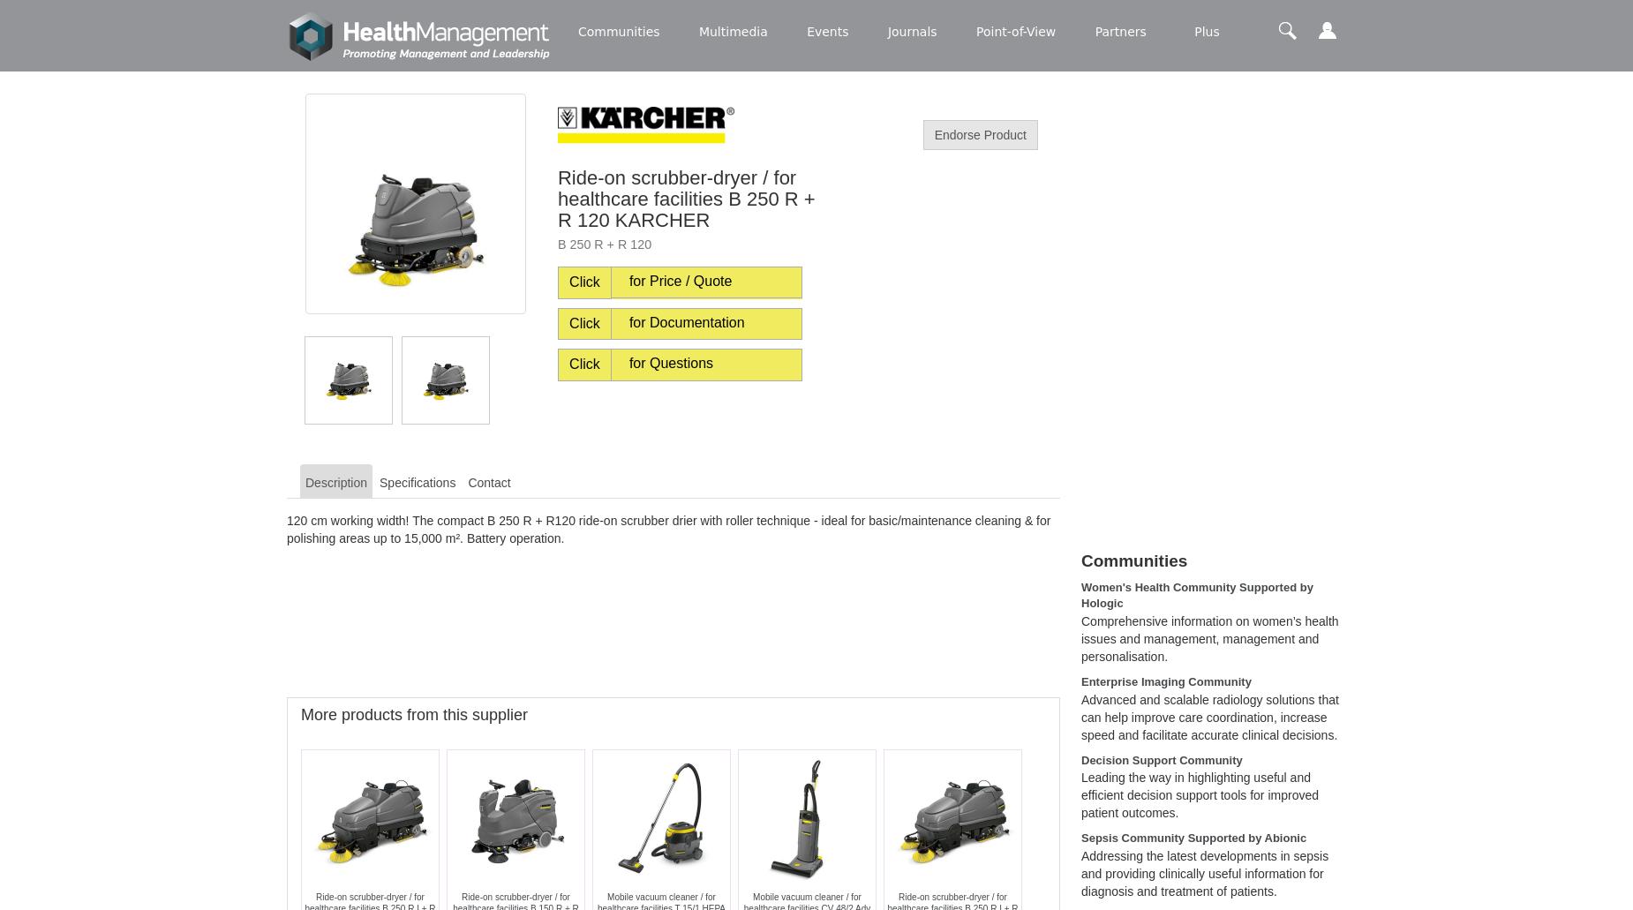 This screenshot has height=910, width=1633. I want to click on 'Sepsis Community Supported by Abionic', so click(1193, 837).